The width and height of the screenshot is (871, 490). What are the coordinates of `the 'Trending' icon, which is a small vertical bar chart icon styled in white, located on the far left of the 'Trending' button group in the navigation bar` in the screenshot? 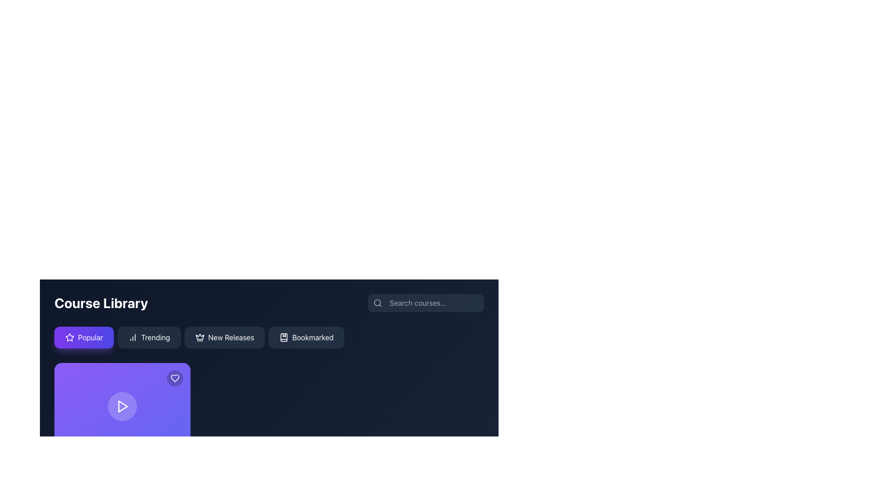 It's located at (132, 338).